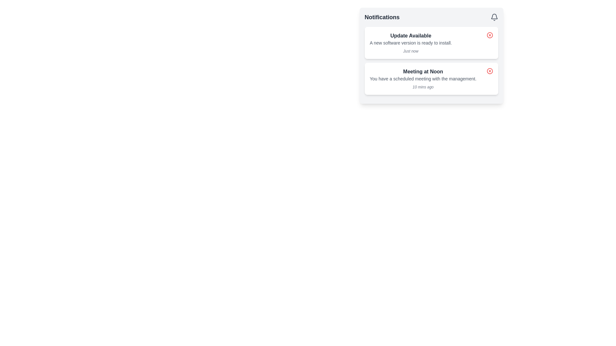 Image resolution: width=616 pixels, height=346 pixels. I want to click on notification details from the second item in the vertically stacked notification list, located underneath the 'Update Available' notification, so click(423, 78).